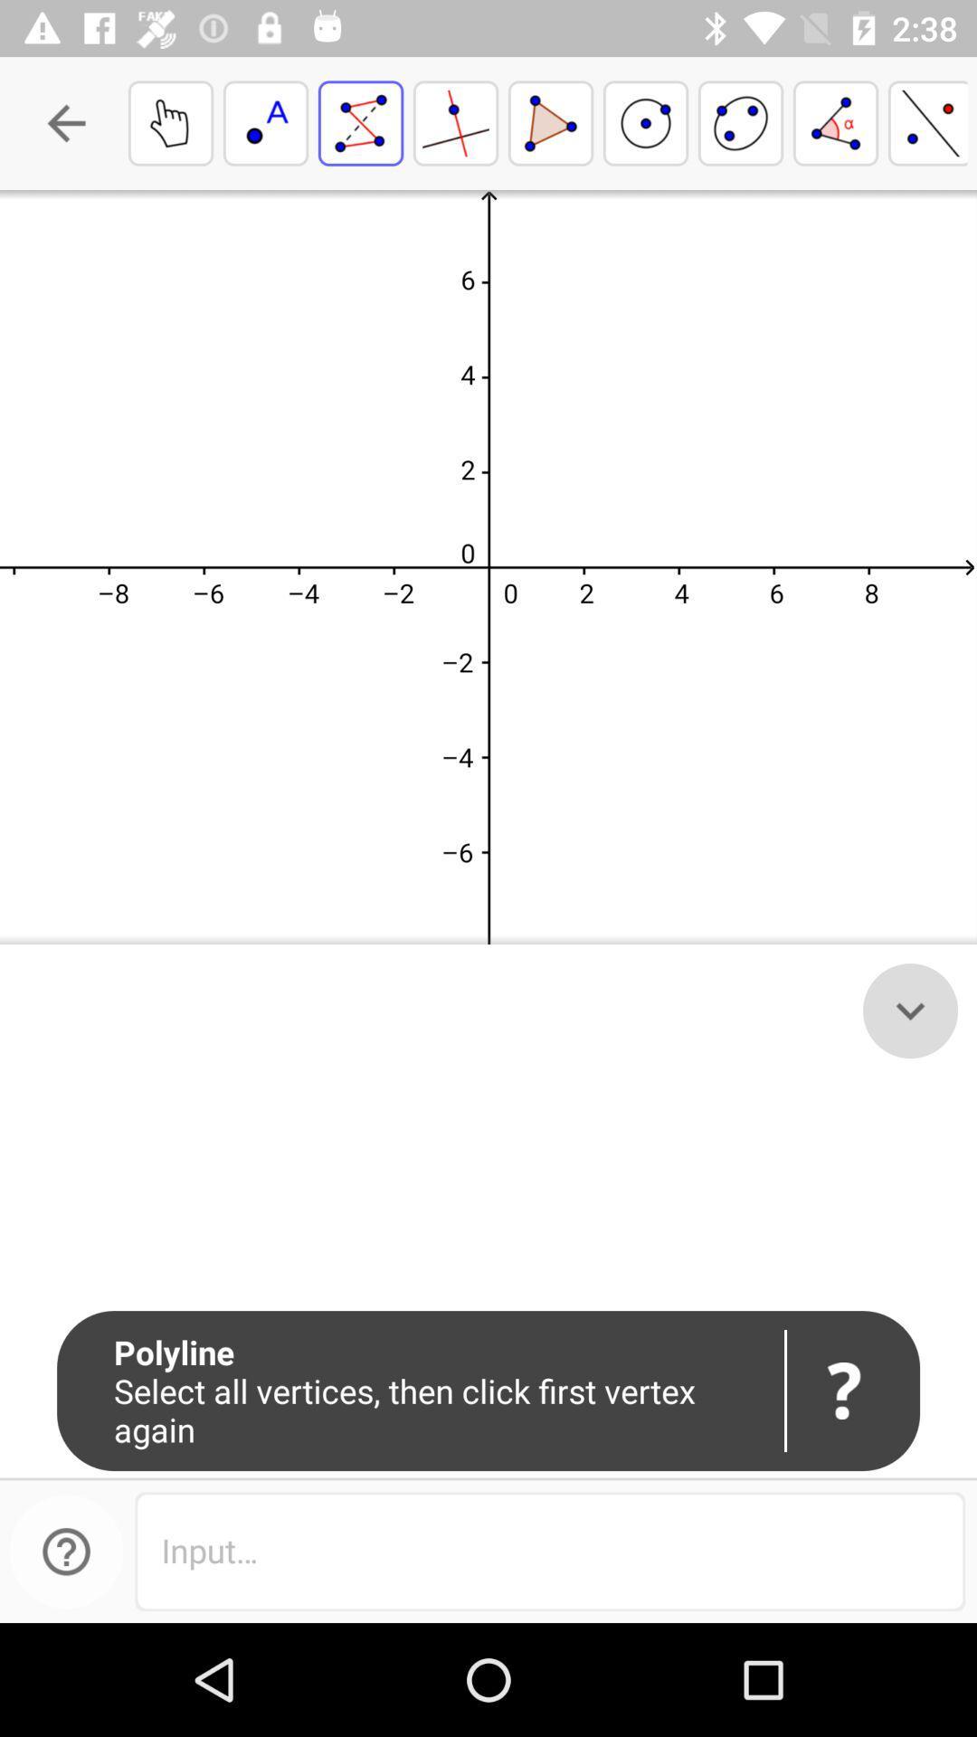  What do you see at coordinates (910, 1010) in the screenshot?
I see `the expand_more icon` at bounding box center [910, 1010].